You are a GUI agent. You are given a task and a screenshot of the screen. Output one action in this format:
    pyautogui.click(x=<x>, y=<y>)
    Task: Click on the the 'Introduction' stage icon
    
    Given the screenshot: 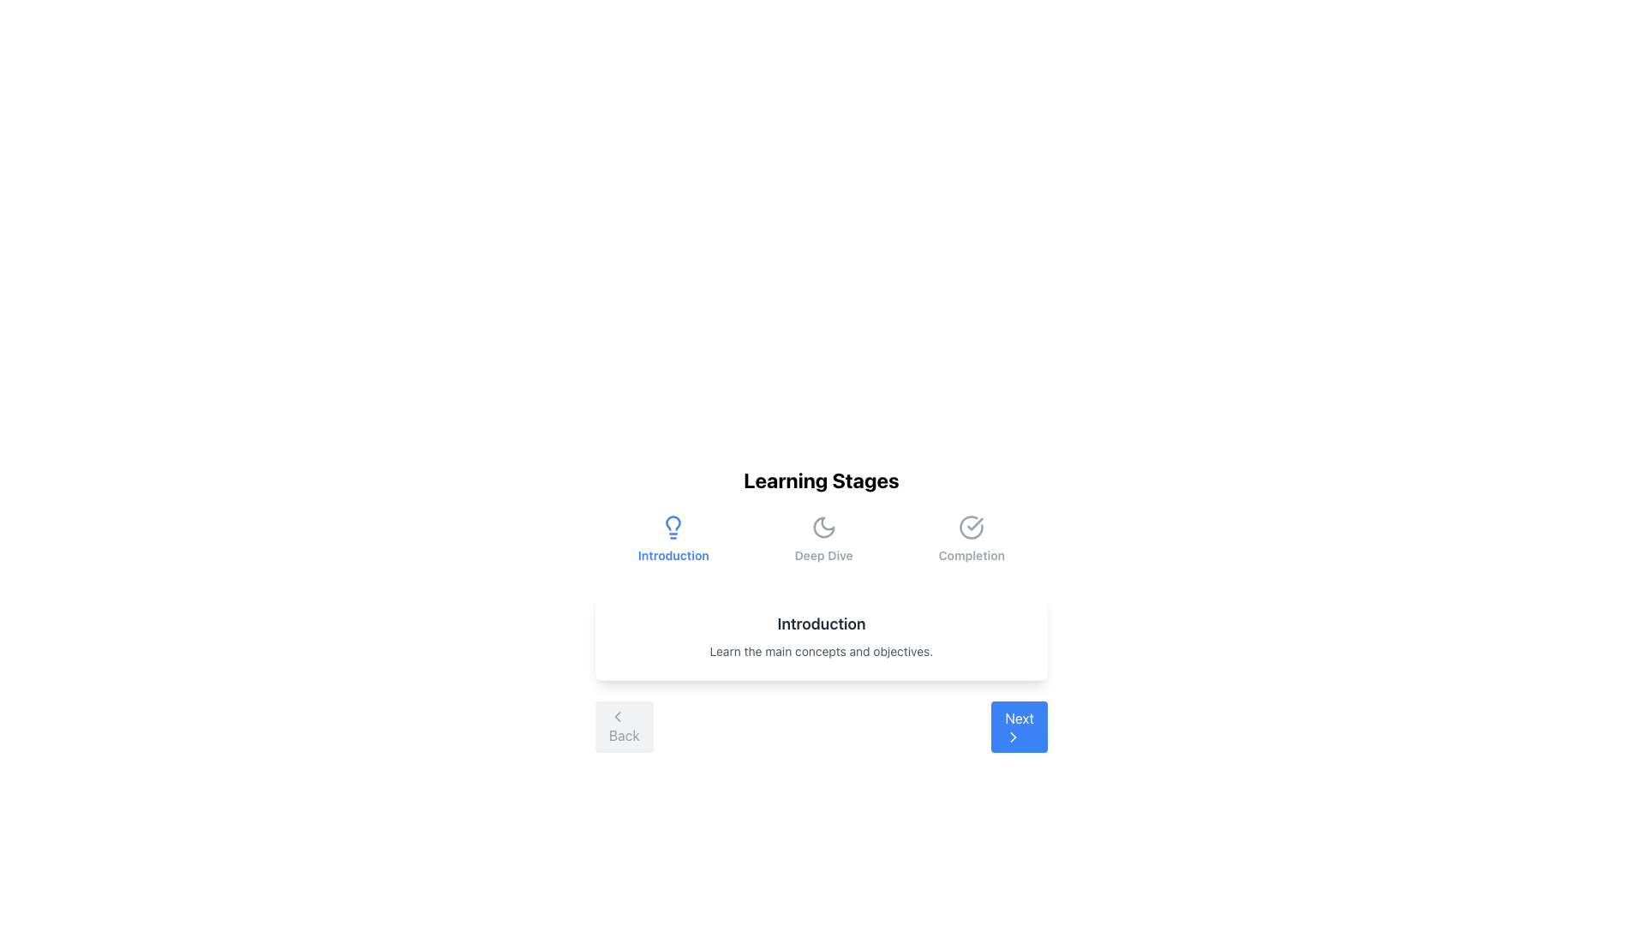 What is the action you would take?
    pyautogui.click(x=673, y=538)
    